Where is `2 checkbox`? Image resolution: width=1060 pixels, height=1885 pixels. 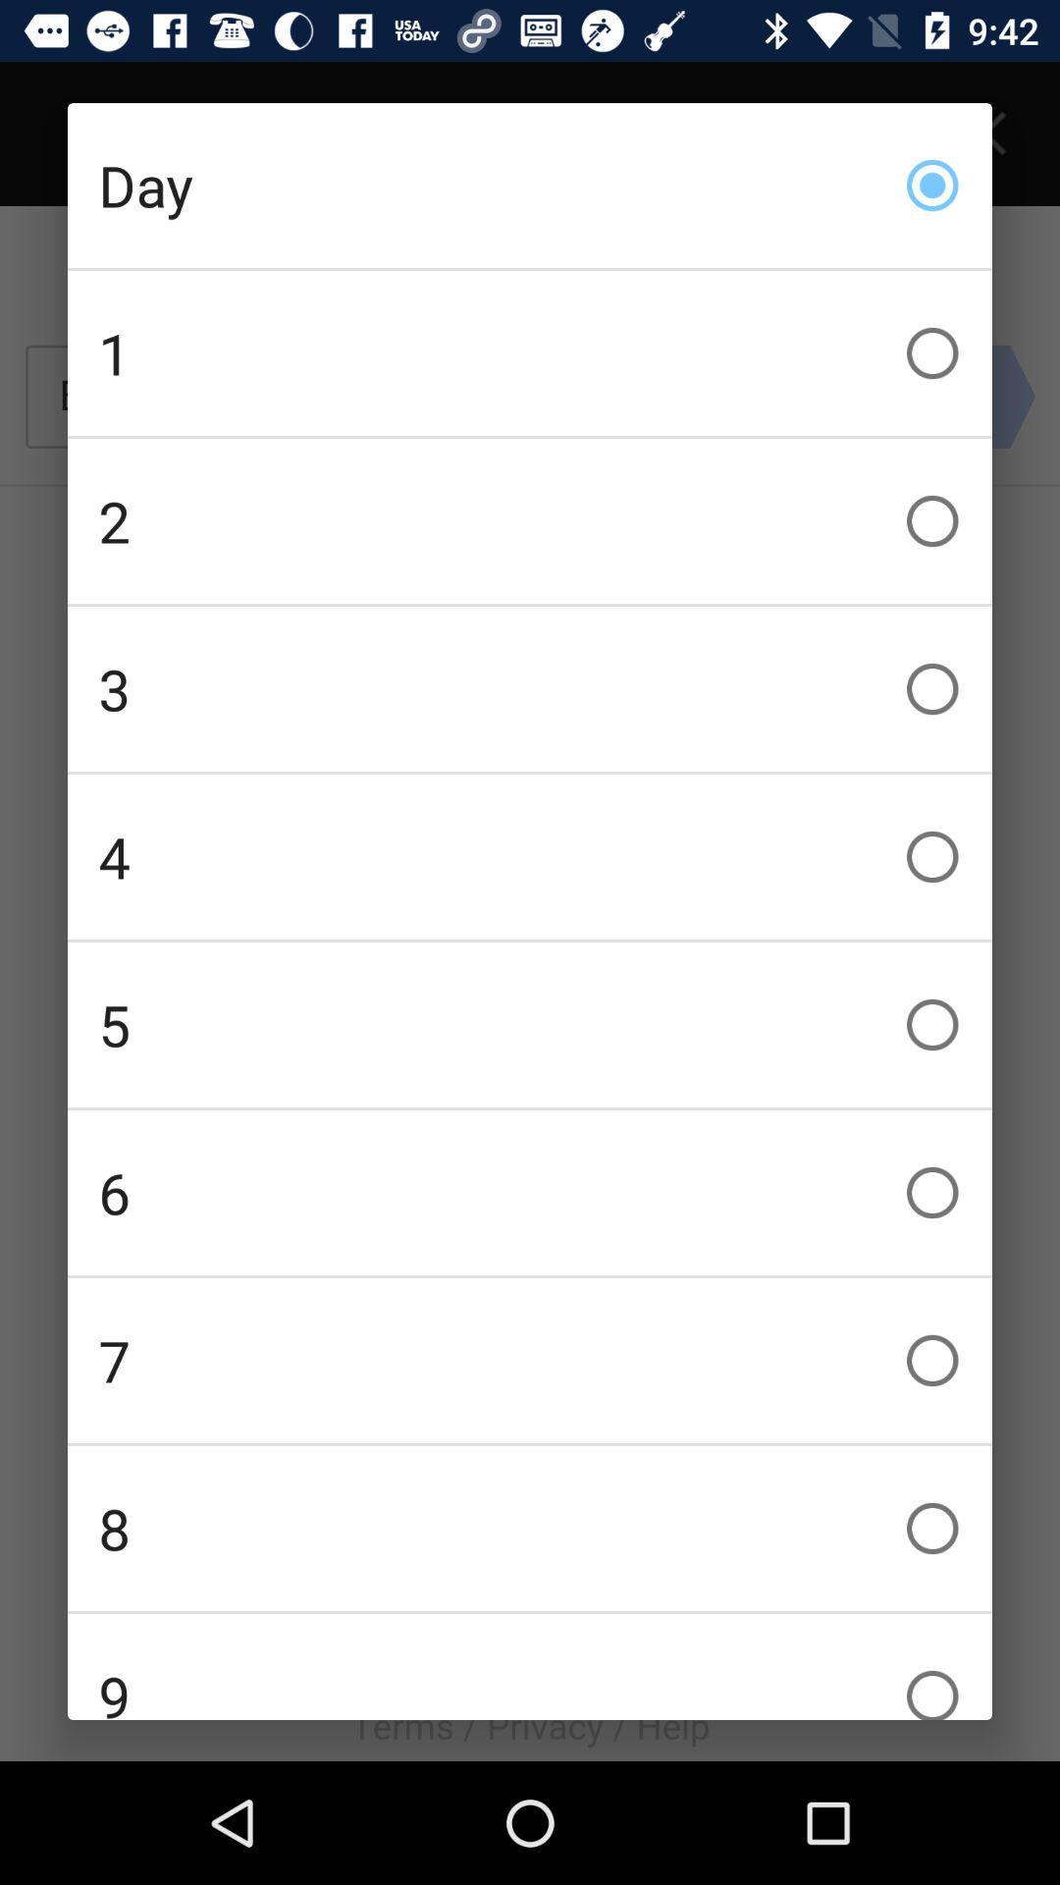 2 checkbox is located at coordinates (530, 521).